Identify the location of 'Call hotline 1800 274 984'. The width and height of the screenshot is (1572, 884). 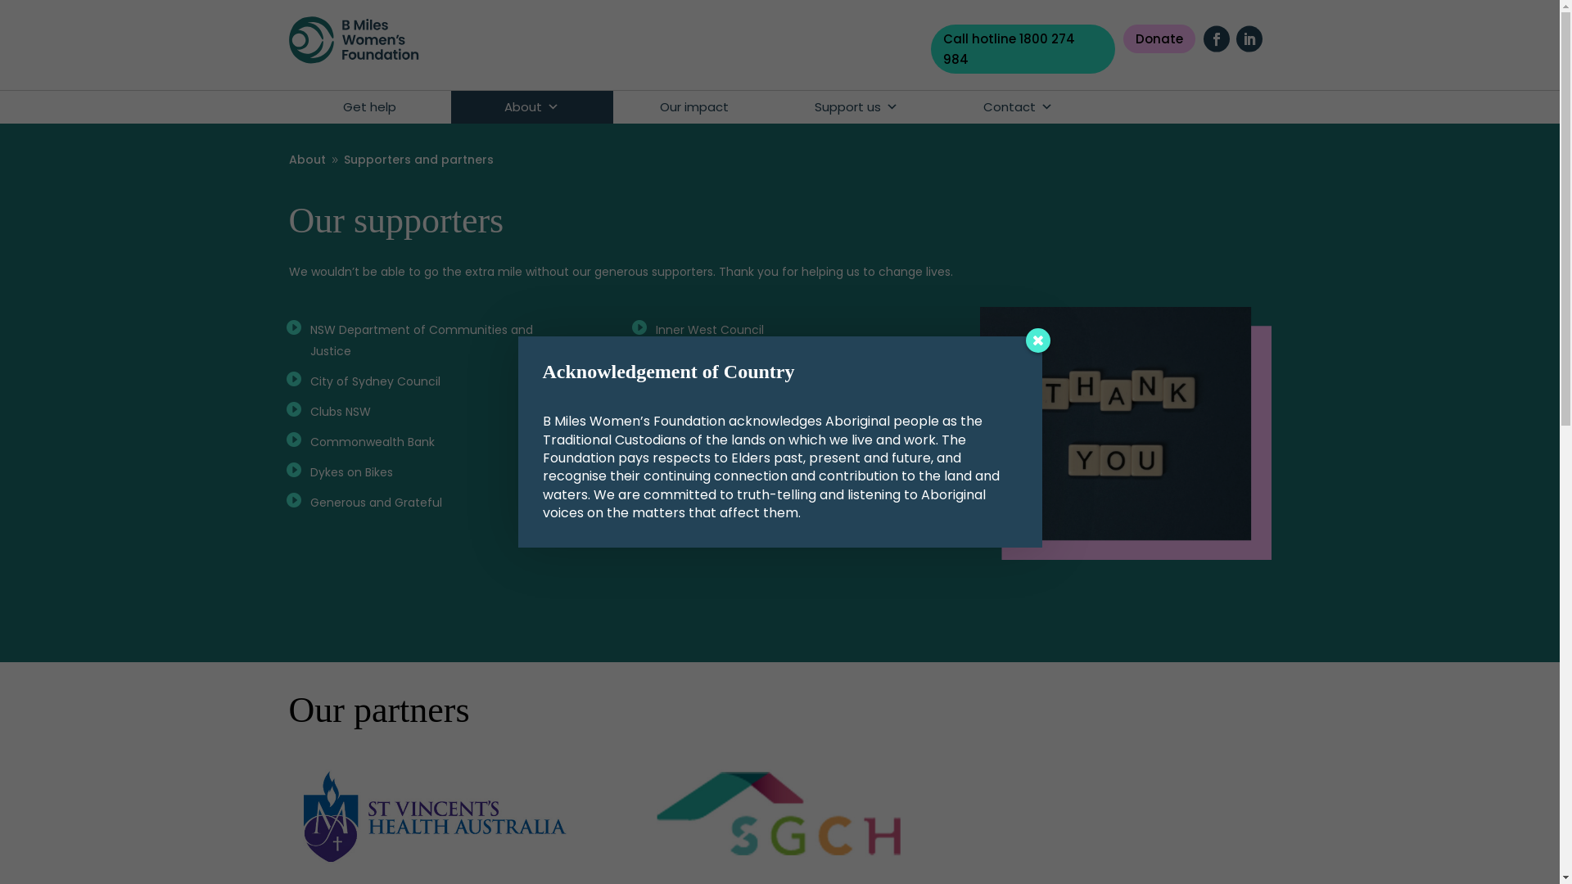
(1022, 48).